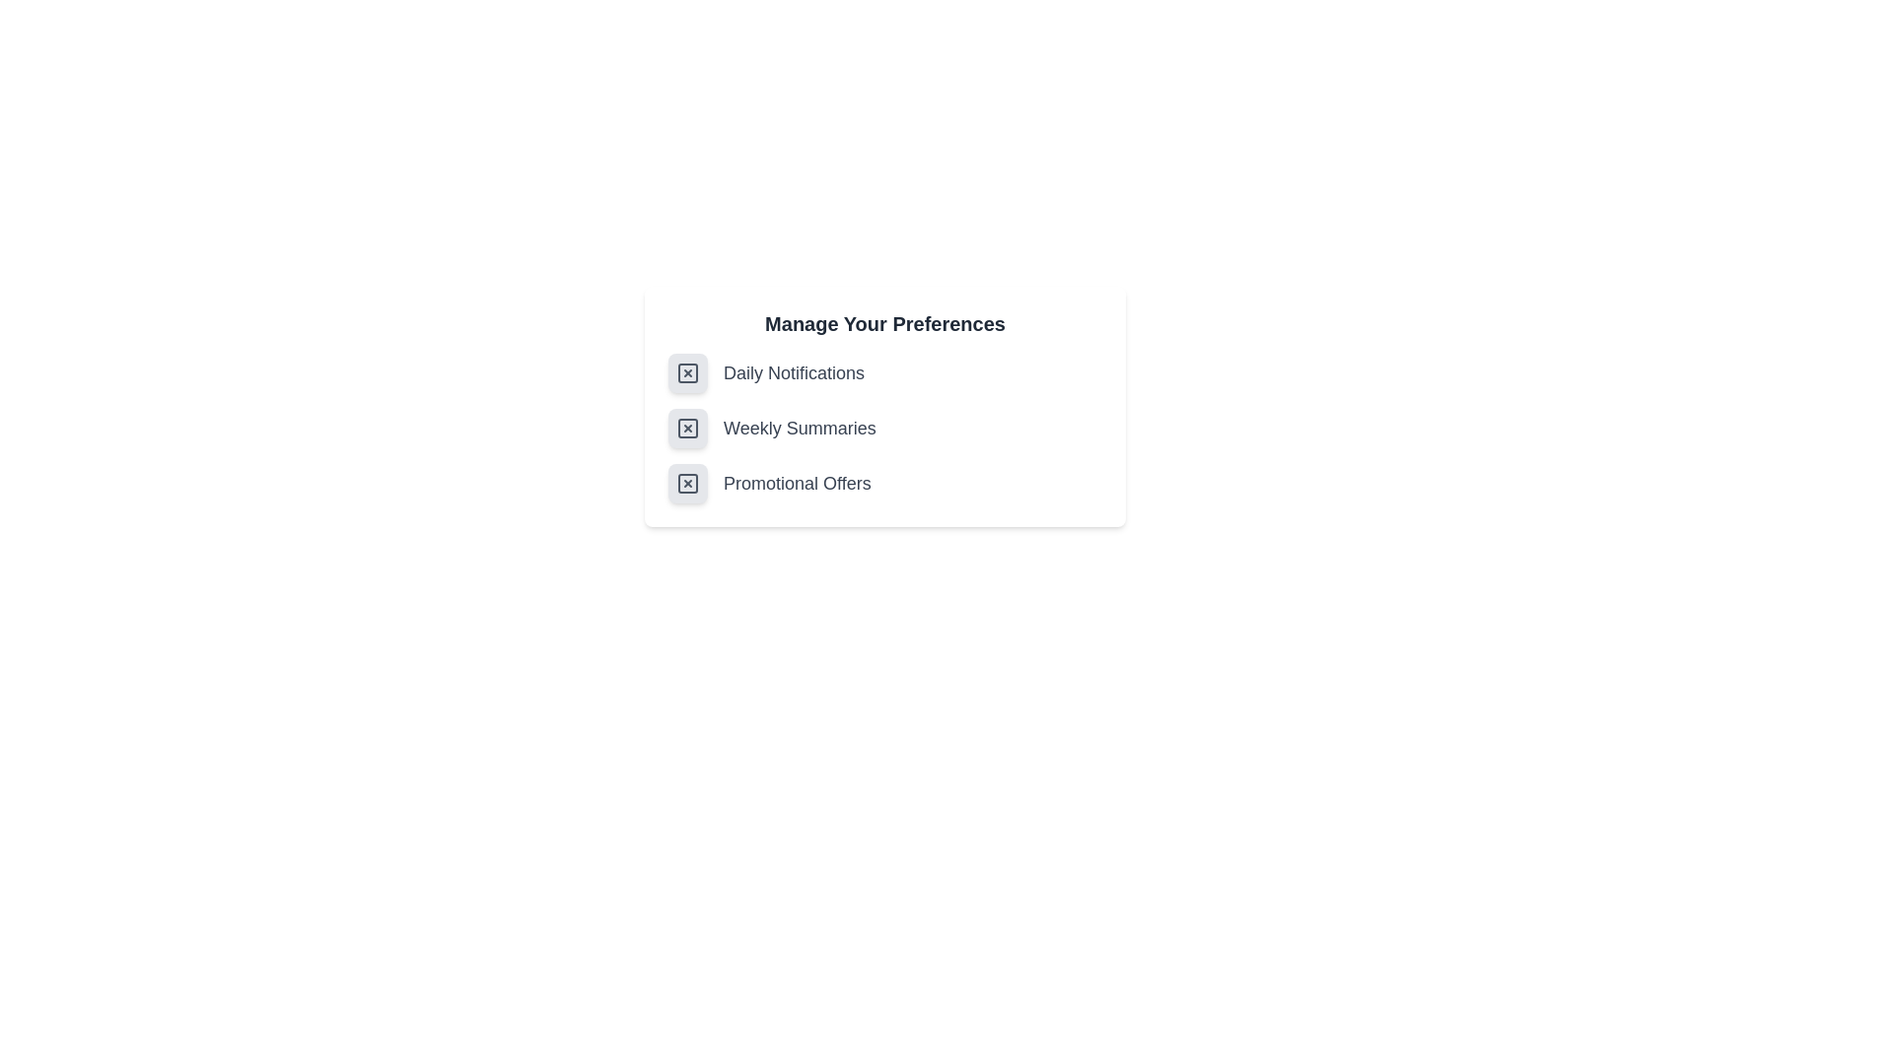 This screenshot has height=1064, width=1893. Describe the element at coordinates (687, 428) in the screenshot. I see `the small square icon with a gray border and 'X' symbol, located to the right of the 'Weekly Summaries' text` at that location.